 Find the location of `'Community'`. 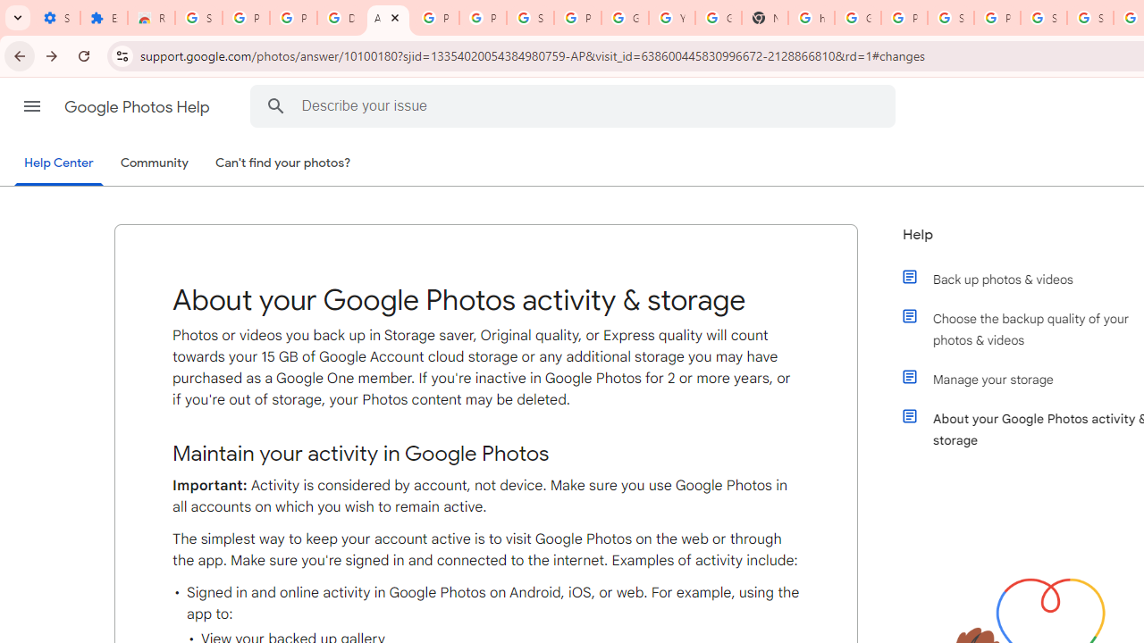

'Community' is located at coordinates (154, 163).